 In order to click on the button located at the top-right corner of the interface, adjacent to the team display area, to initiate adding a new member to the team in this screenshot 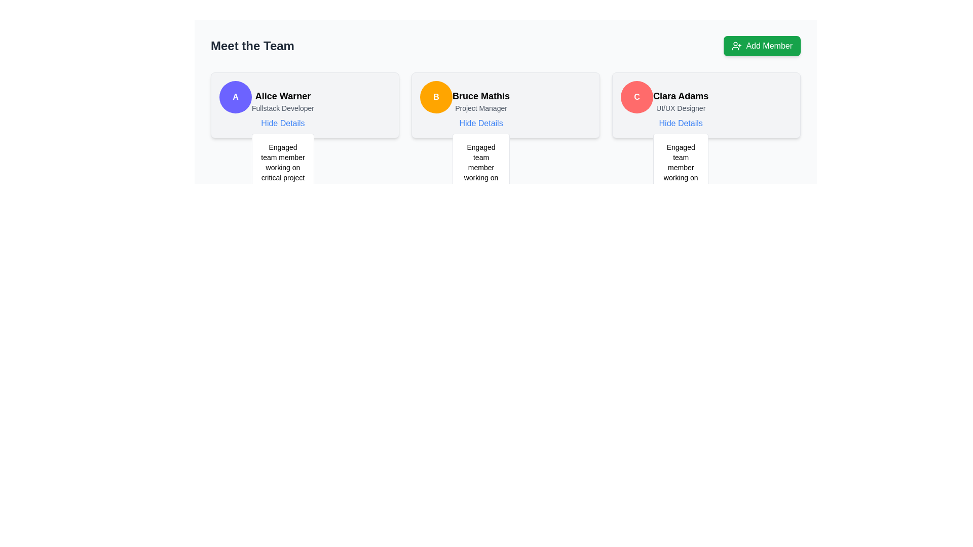, I will do `click(762, 46)`.